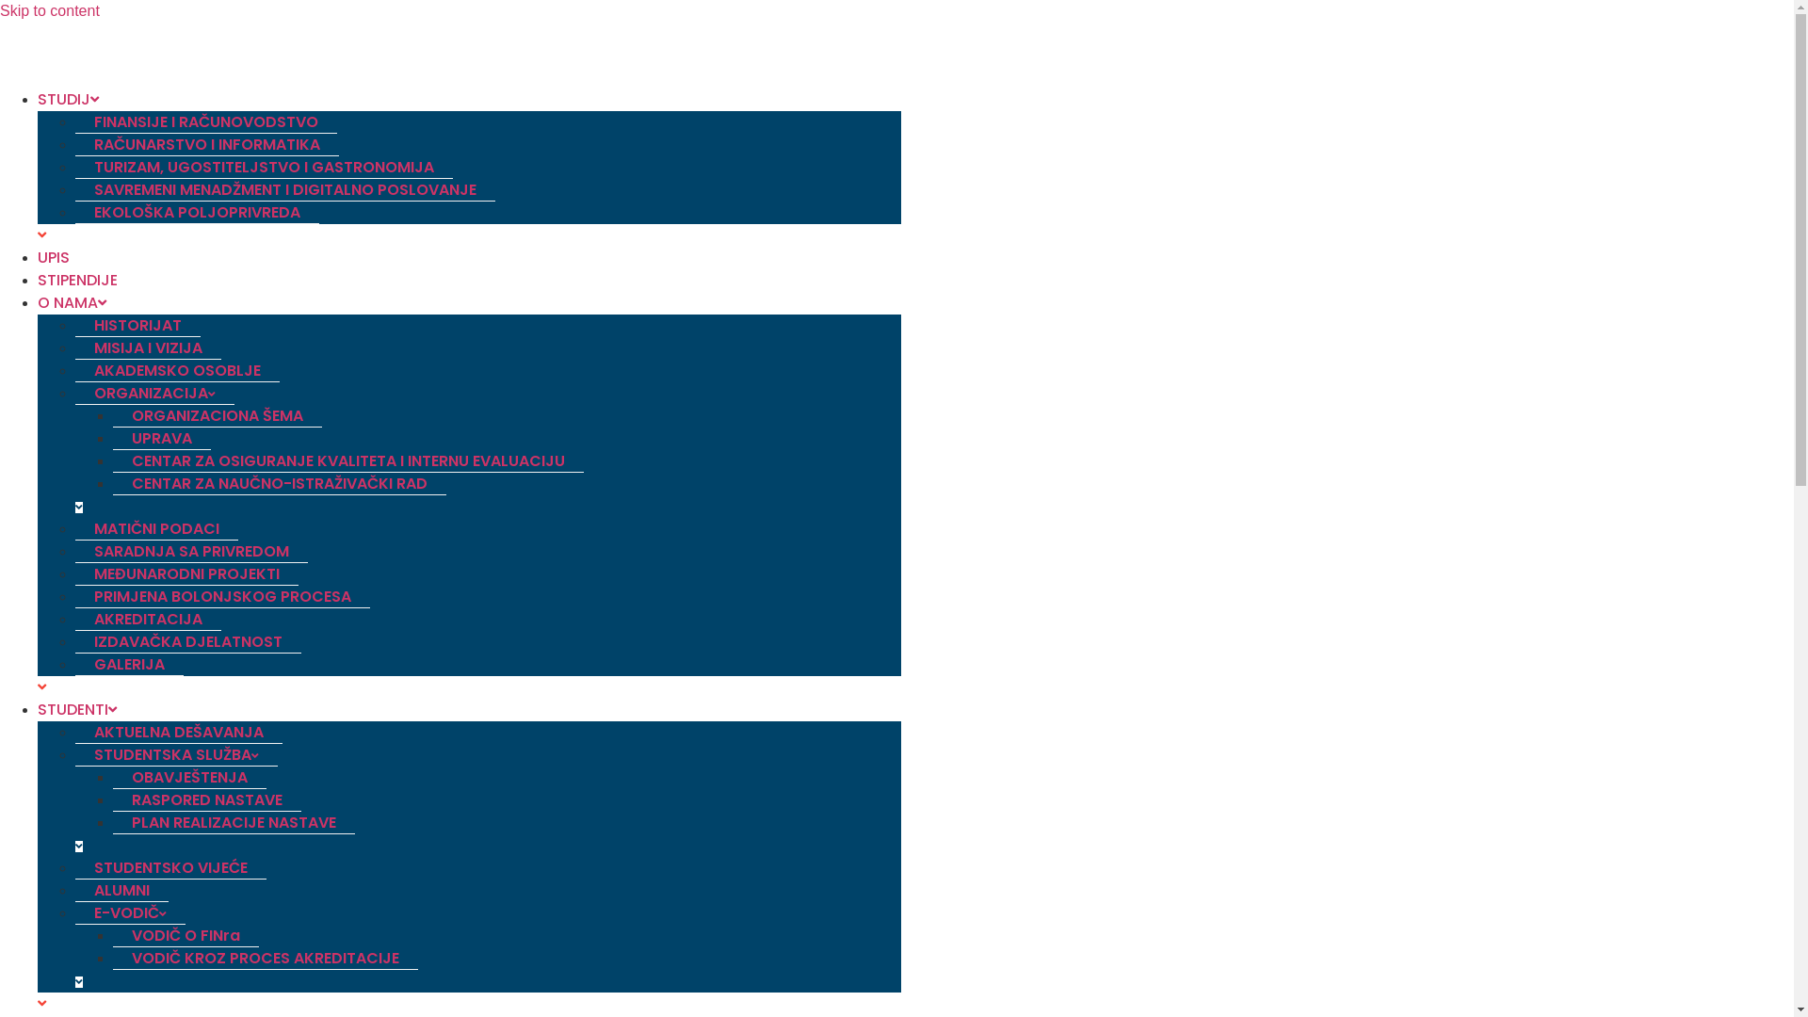 The width and height of the screenshot is (1808, 1017). I want to click on 'PRIMJENA BOLONJSKOG PROCESA', so click(222, 596).